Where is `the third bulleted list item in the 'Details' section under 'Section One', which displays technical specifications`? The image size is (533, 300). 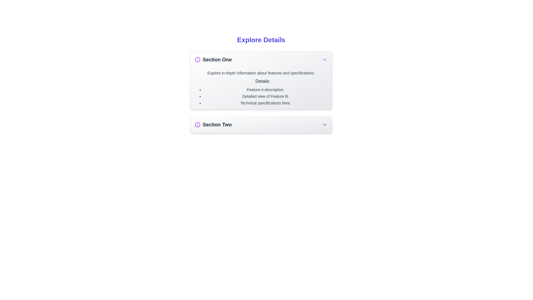 the third bulleted list item in the 'Details' section under 'Section One', which displays technical specifications is located at coordinates (265, 104).